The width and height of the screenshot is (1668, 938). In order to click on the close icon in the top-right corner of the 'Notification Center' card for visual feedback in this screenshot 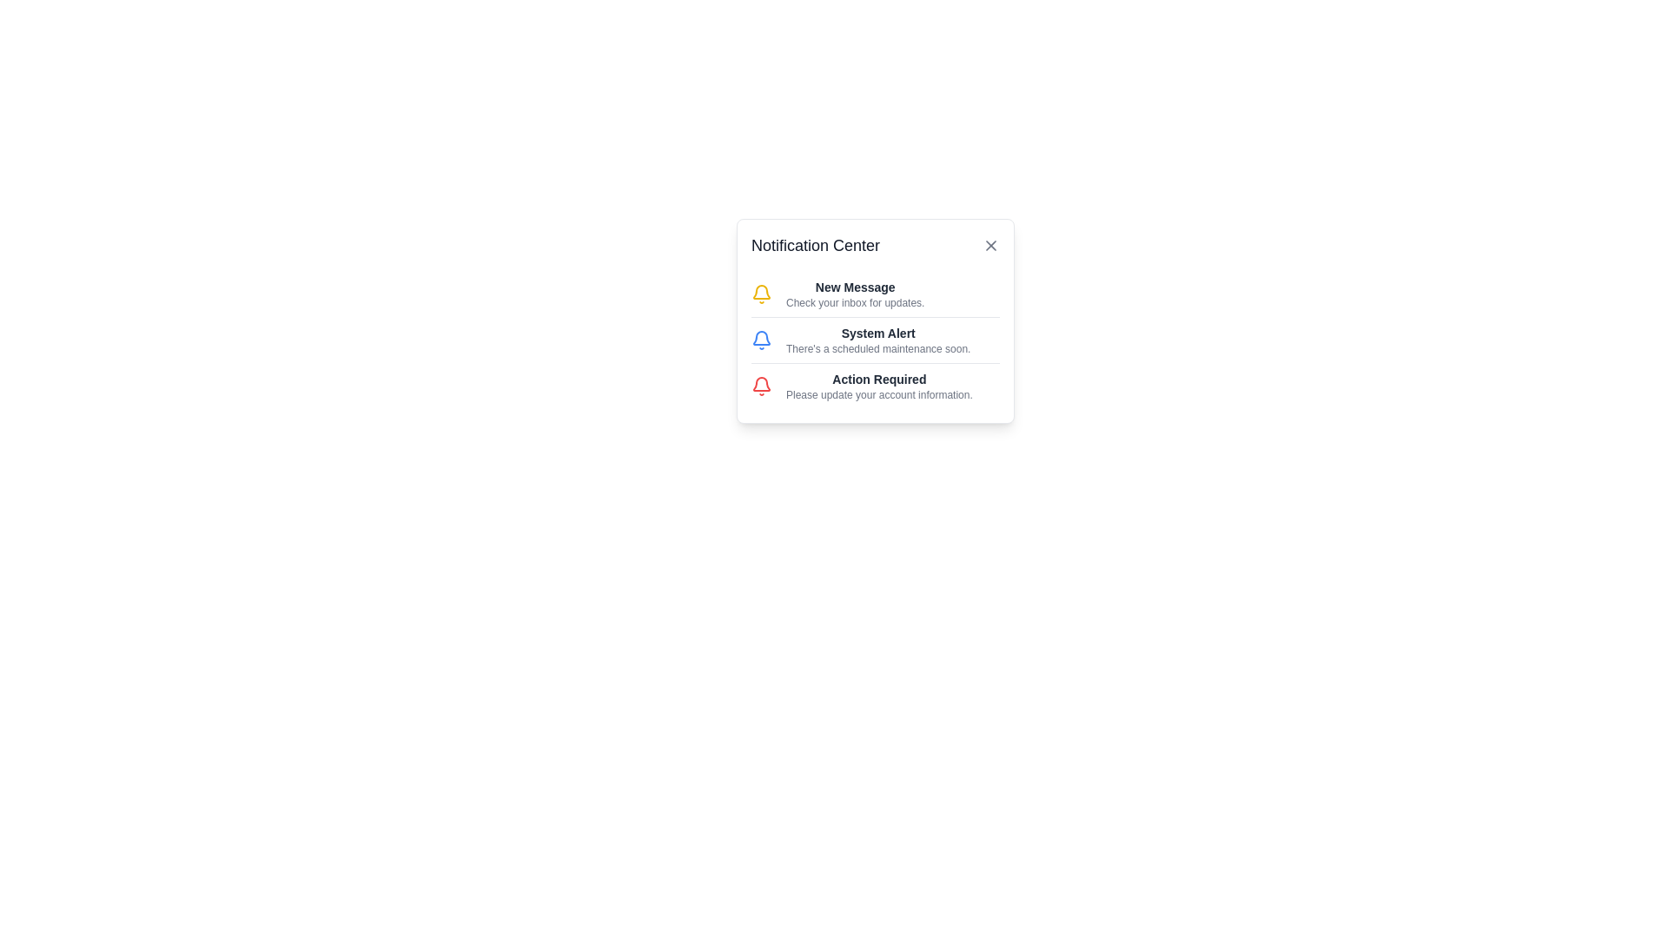, I will do `click(991, 245)`.